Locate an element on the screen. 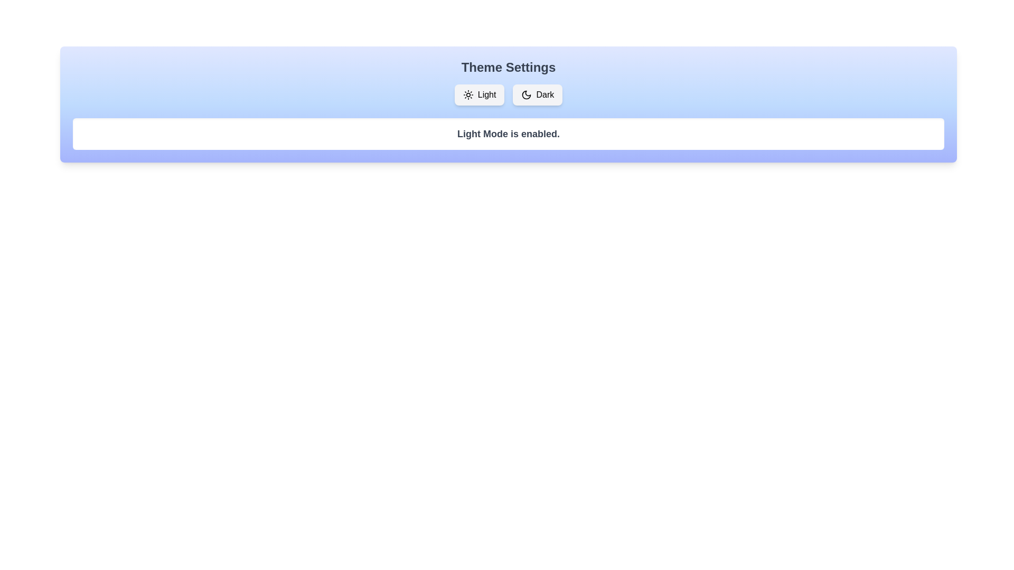 The width and height of the screenshot is (1014, 570). the sun icon to explore its visual details is located at coordinates (467, 95).